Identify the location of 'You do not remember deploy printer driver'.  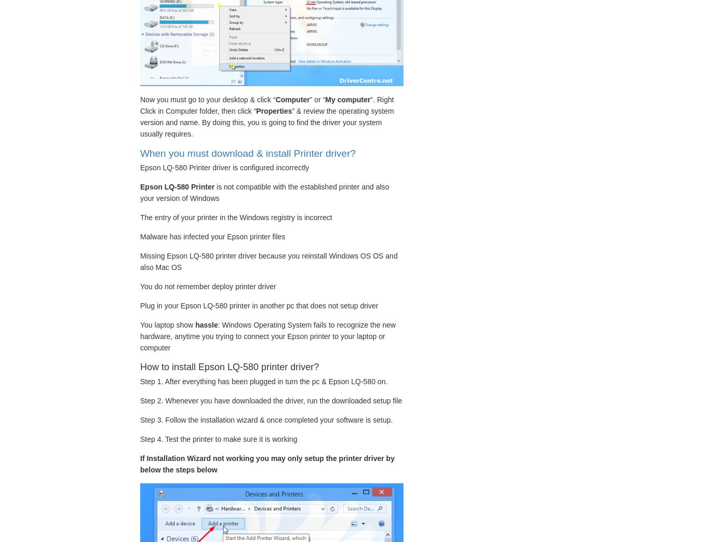
(208, 286).